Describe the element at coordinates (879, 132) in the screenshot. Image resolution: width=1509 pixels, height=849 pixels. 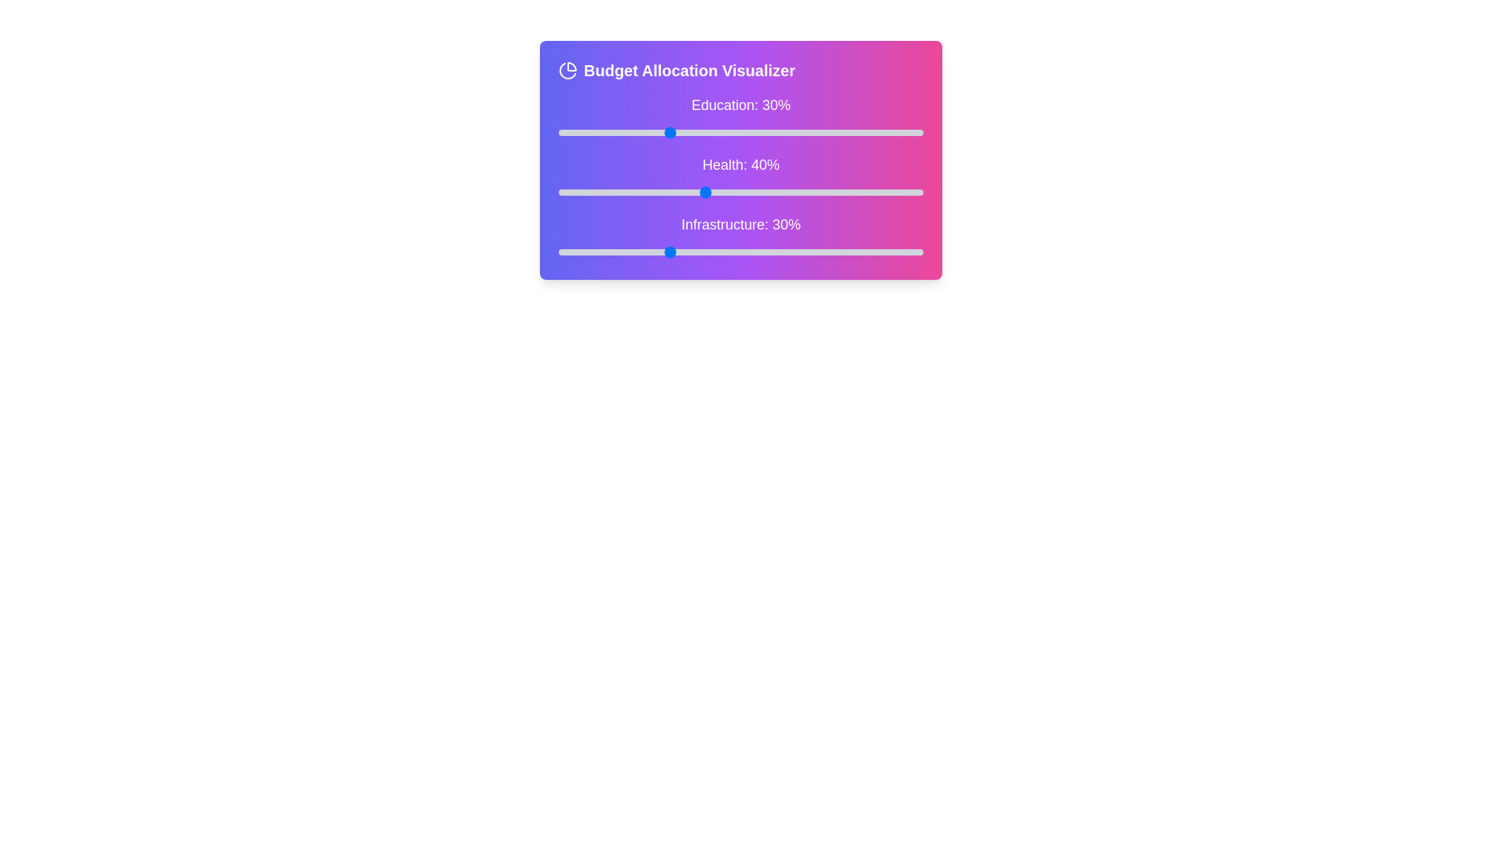
I see `the Education budget` at that location.